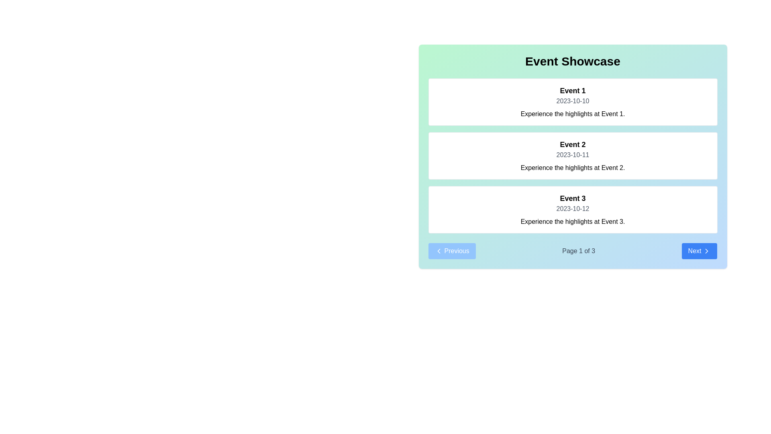 The width and height of the screenshot is (771, 434). What do you see at coordinates (707, 250) in the screenshot?
I see `the arrow icon within the 'Next' button at the bottom-right corner of the interface, which indicates navigation to the subsequent page or content` at bounding box center [707, 250].